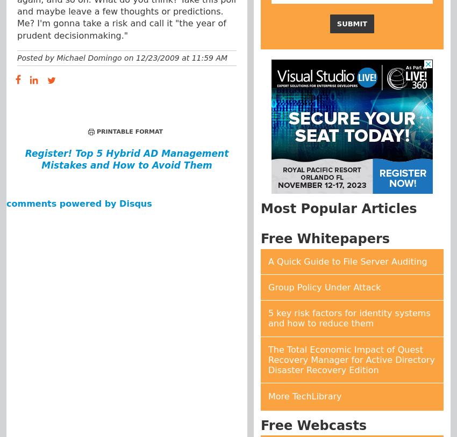  I want to click on 'A Quick Guide to File Server Auditing', so click(347, 260).